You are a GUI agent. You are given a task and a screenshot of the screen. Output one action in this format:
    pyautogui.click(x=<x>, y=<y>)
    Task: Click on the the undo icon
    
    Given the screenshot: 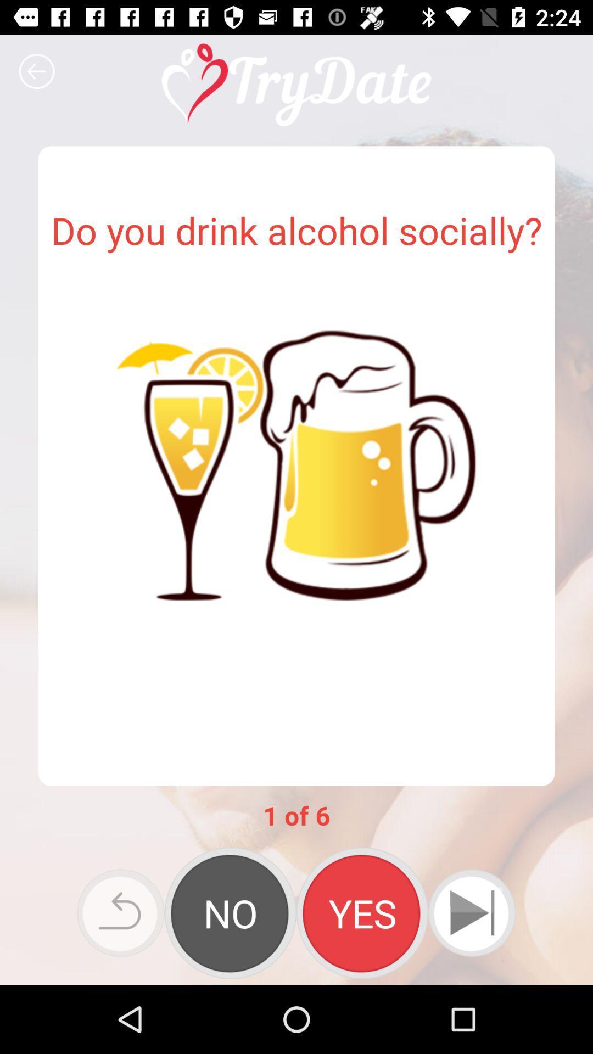 What is the action you would take?
    pyautogui.click(x=121, y=913)
    